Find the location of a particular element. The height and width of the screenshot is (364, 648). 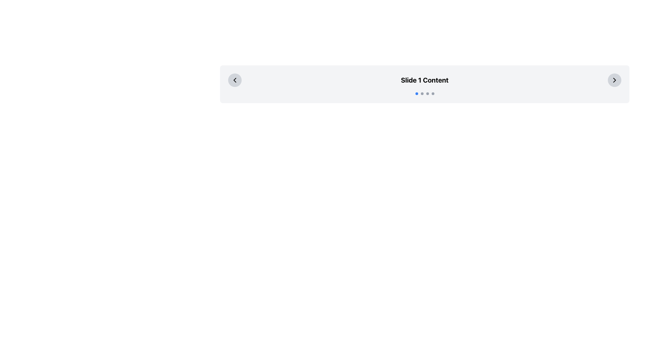

the navigation button located at the far left of the slider interface is located at coordinates (235, 80).